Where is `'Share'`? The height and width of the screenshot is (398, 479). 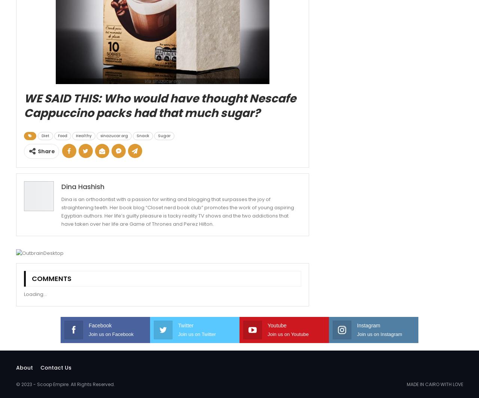
'Share' is located at coordinates (37, 151).